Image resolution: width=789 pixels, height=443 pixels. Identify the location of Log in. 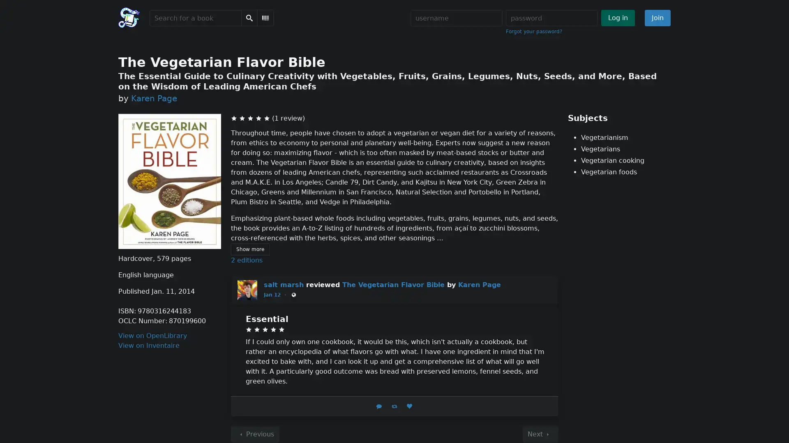
(618, 18).